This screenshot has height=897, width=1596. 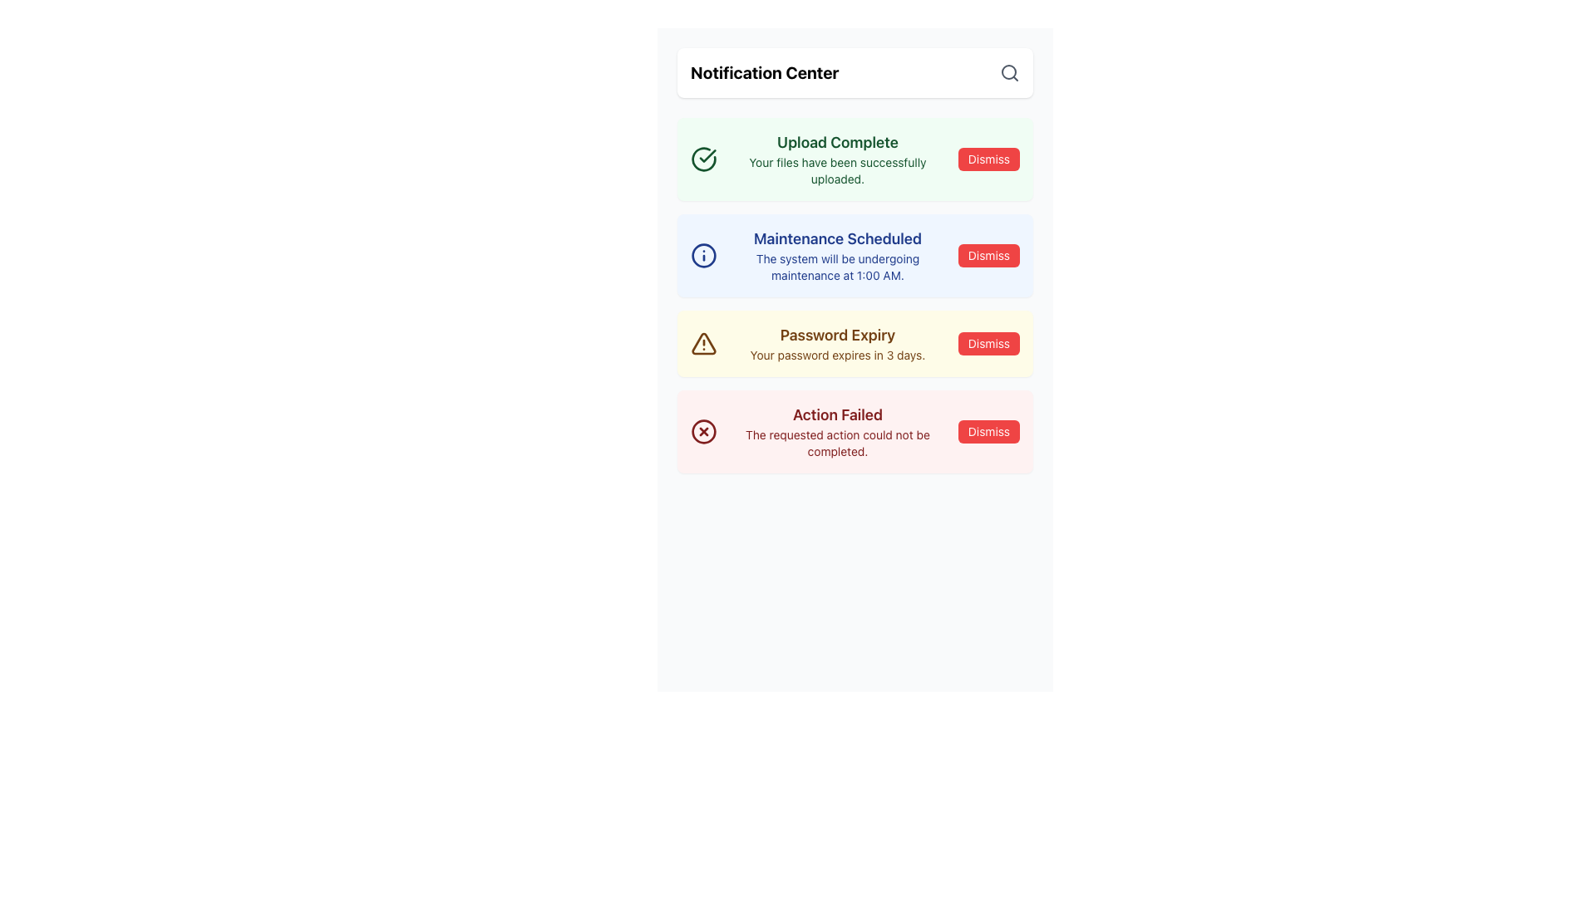 I want to click on the notification titled 'Maintenance Scheduled' in the second row of the notification list, which has a blue background and is located to the left of the red 'Dismiss' button, so click(x=838, y=256).